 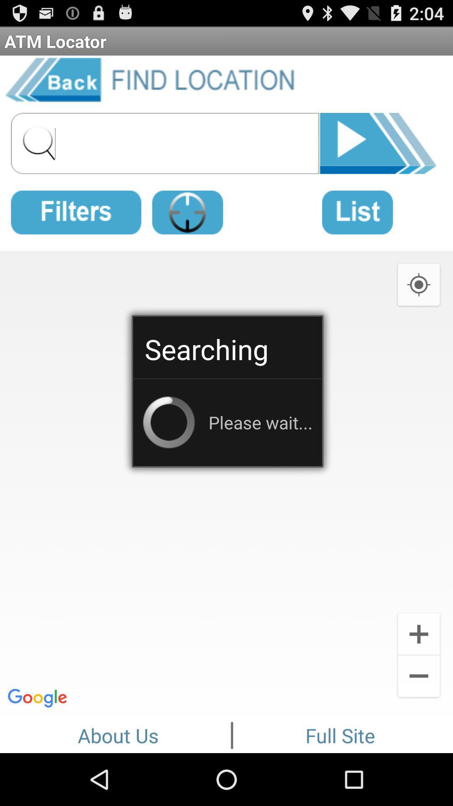 I want to click on icon at the center, so click(x=226, y=482).